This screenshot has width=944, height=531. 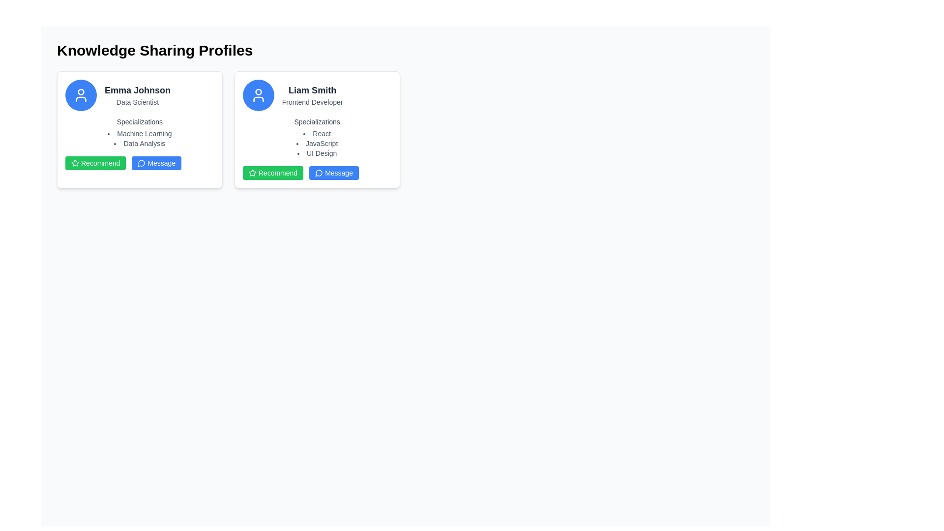 I want to click on the text list with the heading 'Specializations' that includes the items React, JavaScript, and UI Design, located in the card element for Liam Smith, so click(x=317, y=138).